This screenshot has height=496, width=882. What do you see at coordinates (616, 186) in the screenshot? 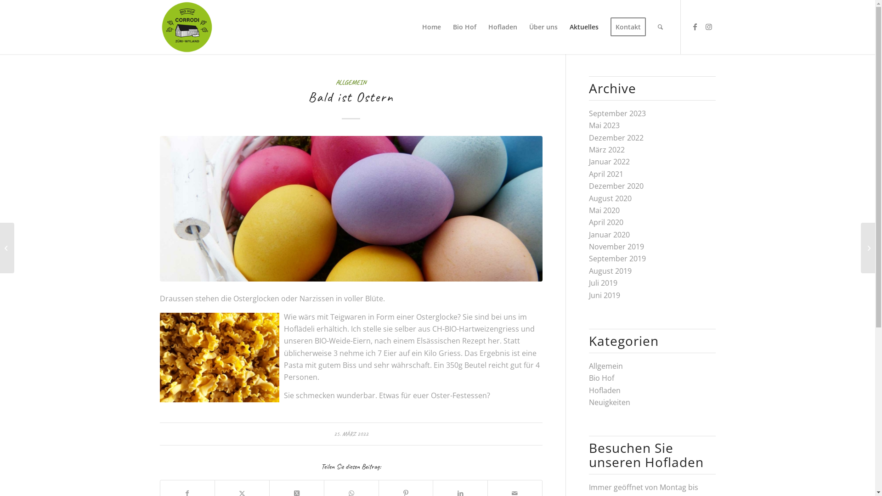
I see `'Dezember 2020'` at bounding box center [616, 186].